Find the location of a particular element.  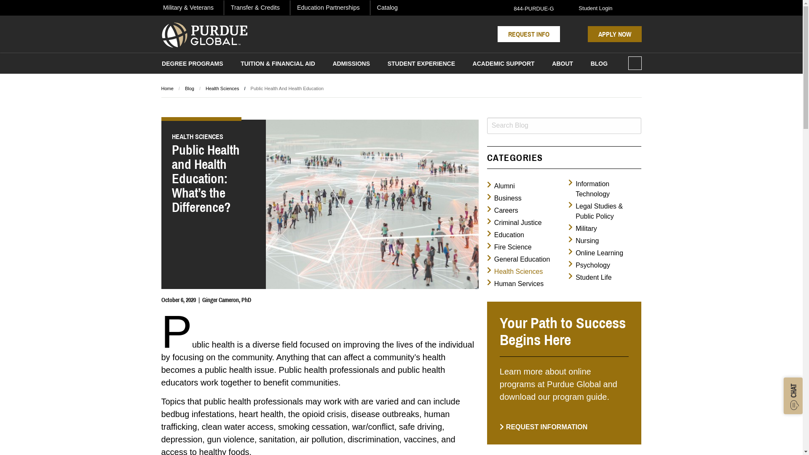

'Student Life' is located at coordinates (589, 278).